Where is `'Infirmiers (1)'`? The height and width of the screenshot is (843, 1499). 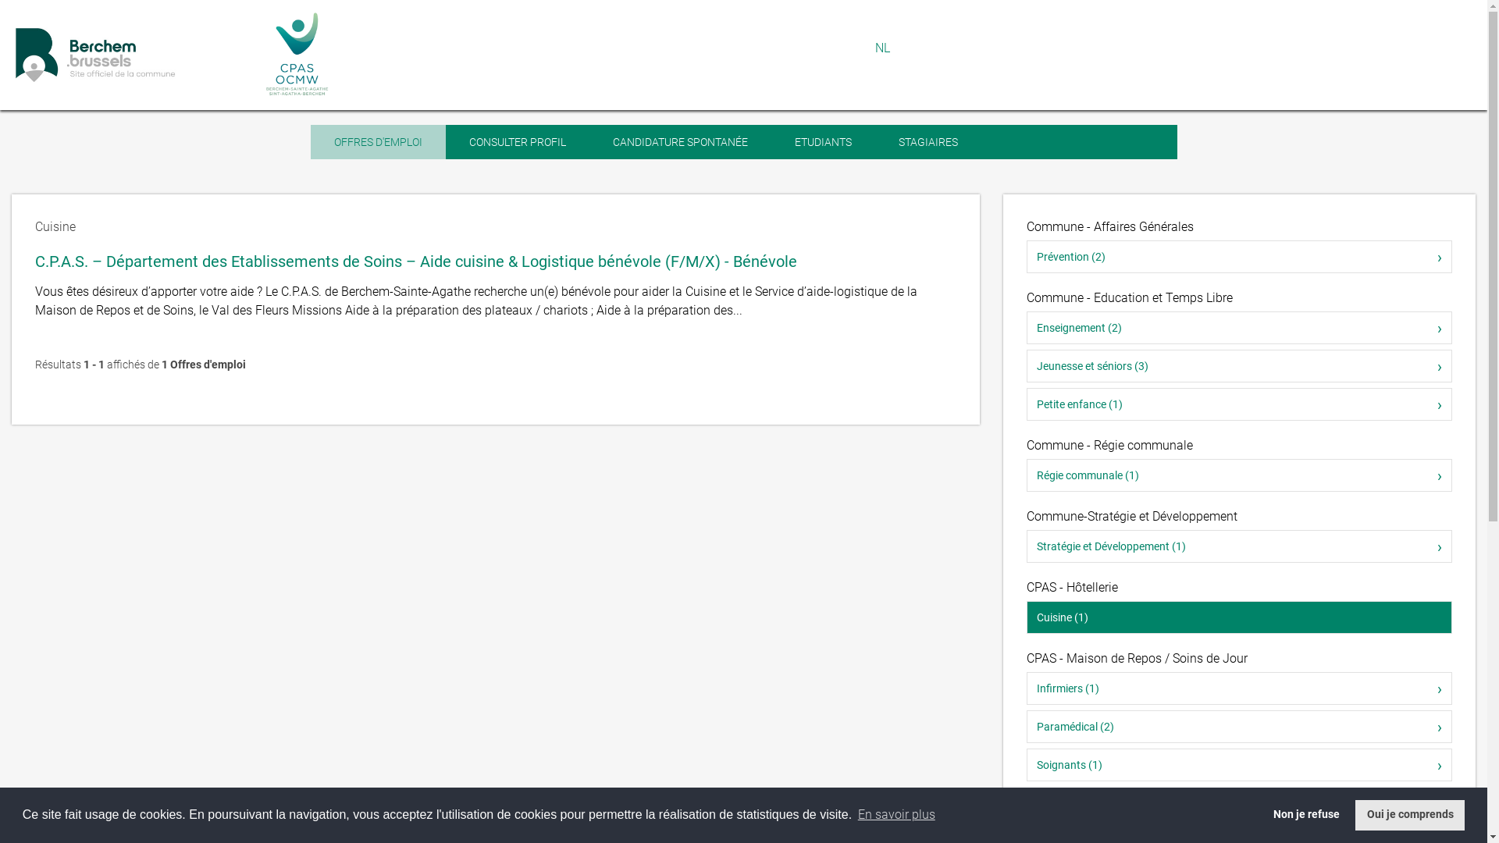 'Infirmiers (1)' is located at coordinates (1238, 688).